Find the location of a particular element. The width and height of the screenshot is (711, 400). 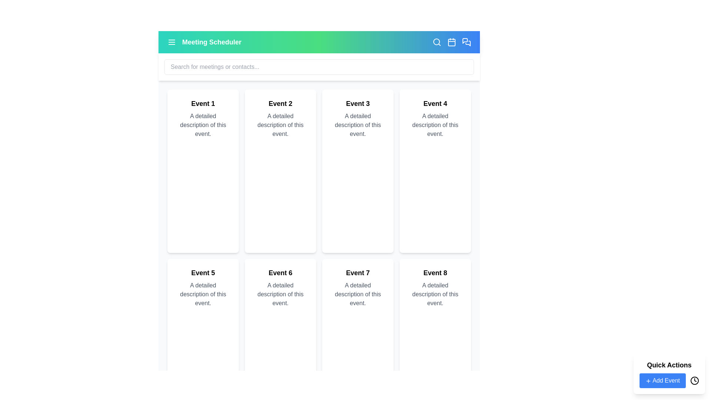

header text displaying 'Event 8', which is a bolded title at the top of the card, positioned in the bottom-right corner of the grid layout is located at coordinates (435, 273).